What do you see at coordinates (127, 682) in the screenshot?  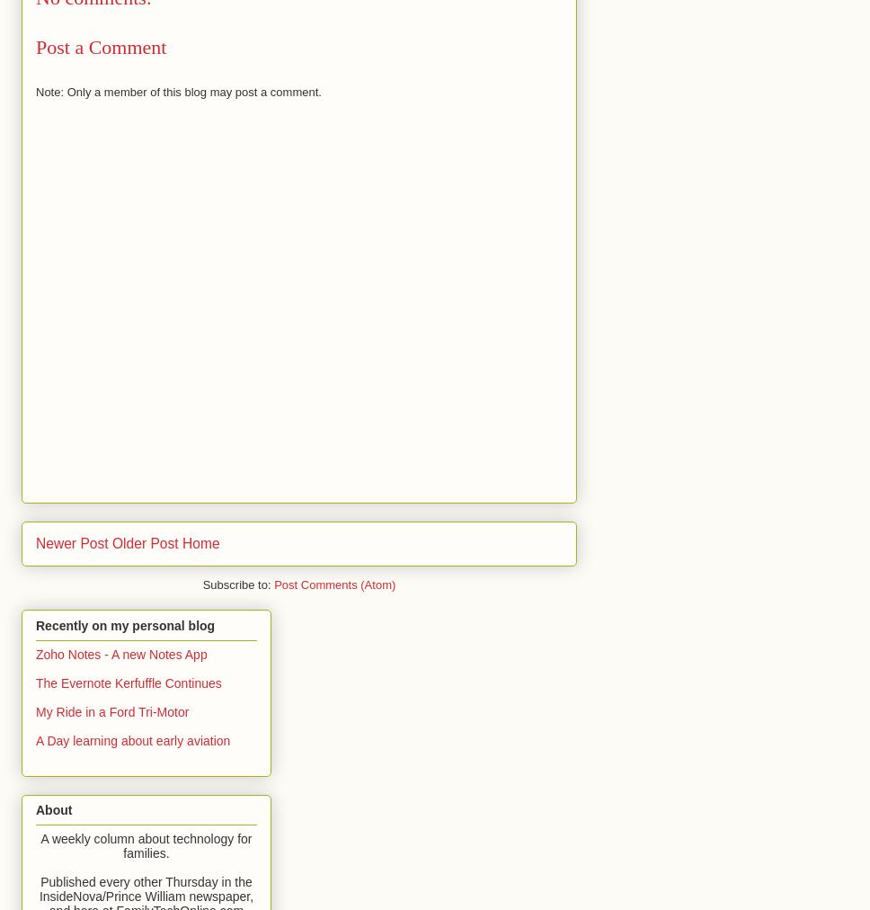 I see `'The Evernote Kerfuffle Continues'` at bounding box center [127, 682].